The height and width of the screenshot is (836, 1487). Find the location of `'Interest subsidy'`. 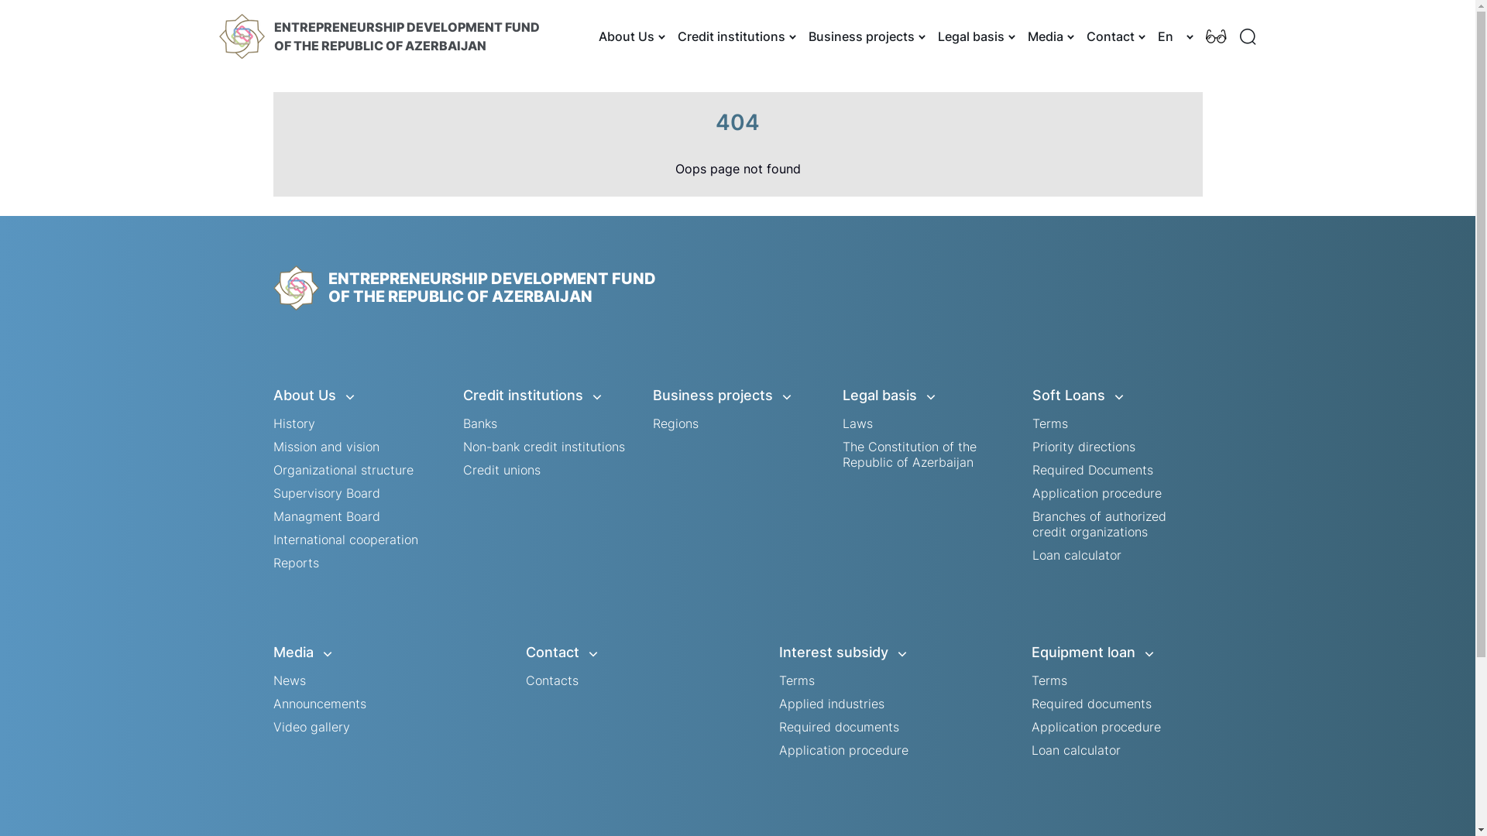

'Interest subsidy' is located at coordinates (864, 653).